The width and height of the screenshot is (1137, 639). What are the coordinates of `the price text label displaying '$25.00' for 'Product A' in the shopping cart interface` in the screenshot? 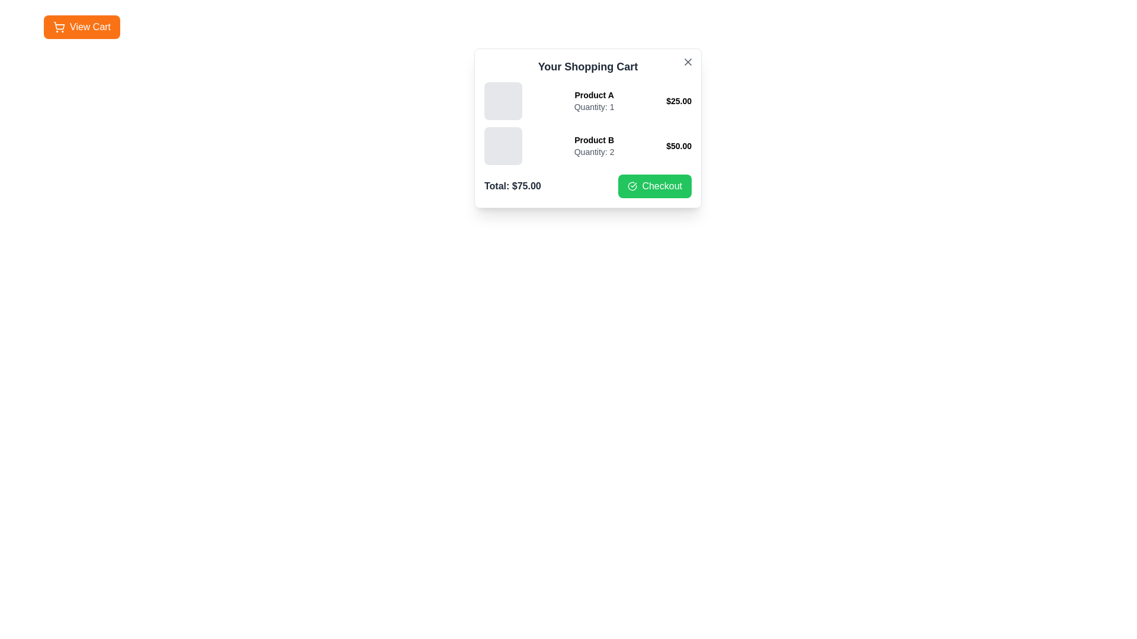 It's located at (679, 100).